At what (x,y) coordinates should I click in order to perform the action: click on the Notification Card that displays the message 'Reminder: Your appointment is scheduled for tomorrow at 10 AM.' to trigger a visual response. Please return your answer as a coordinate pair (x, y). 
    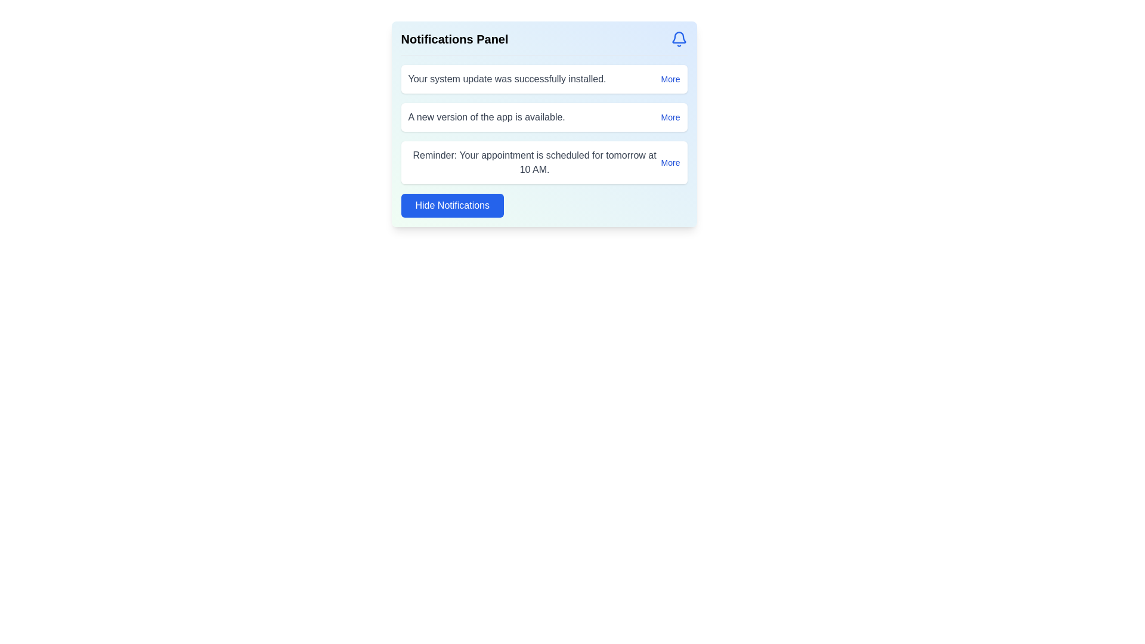
    Looking at the image, I should click on (543, 163).